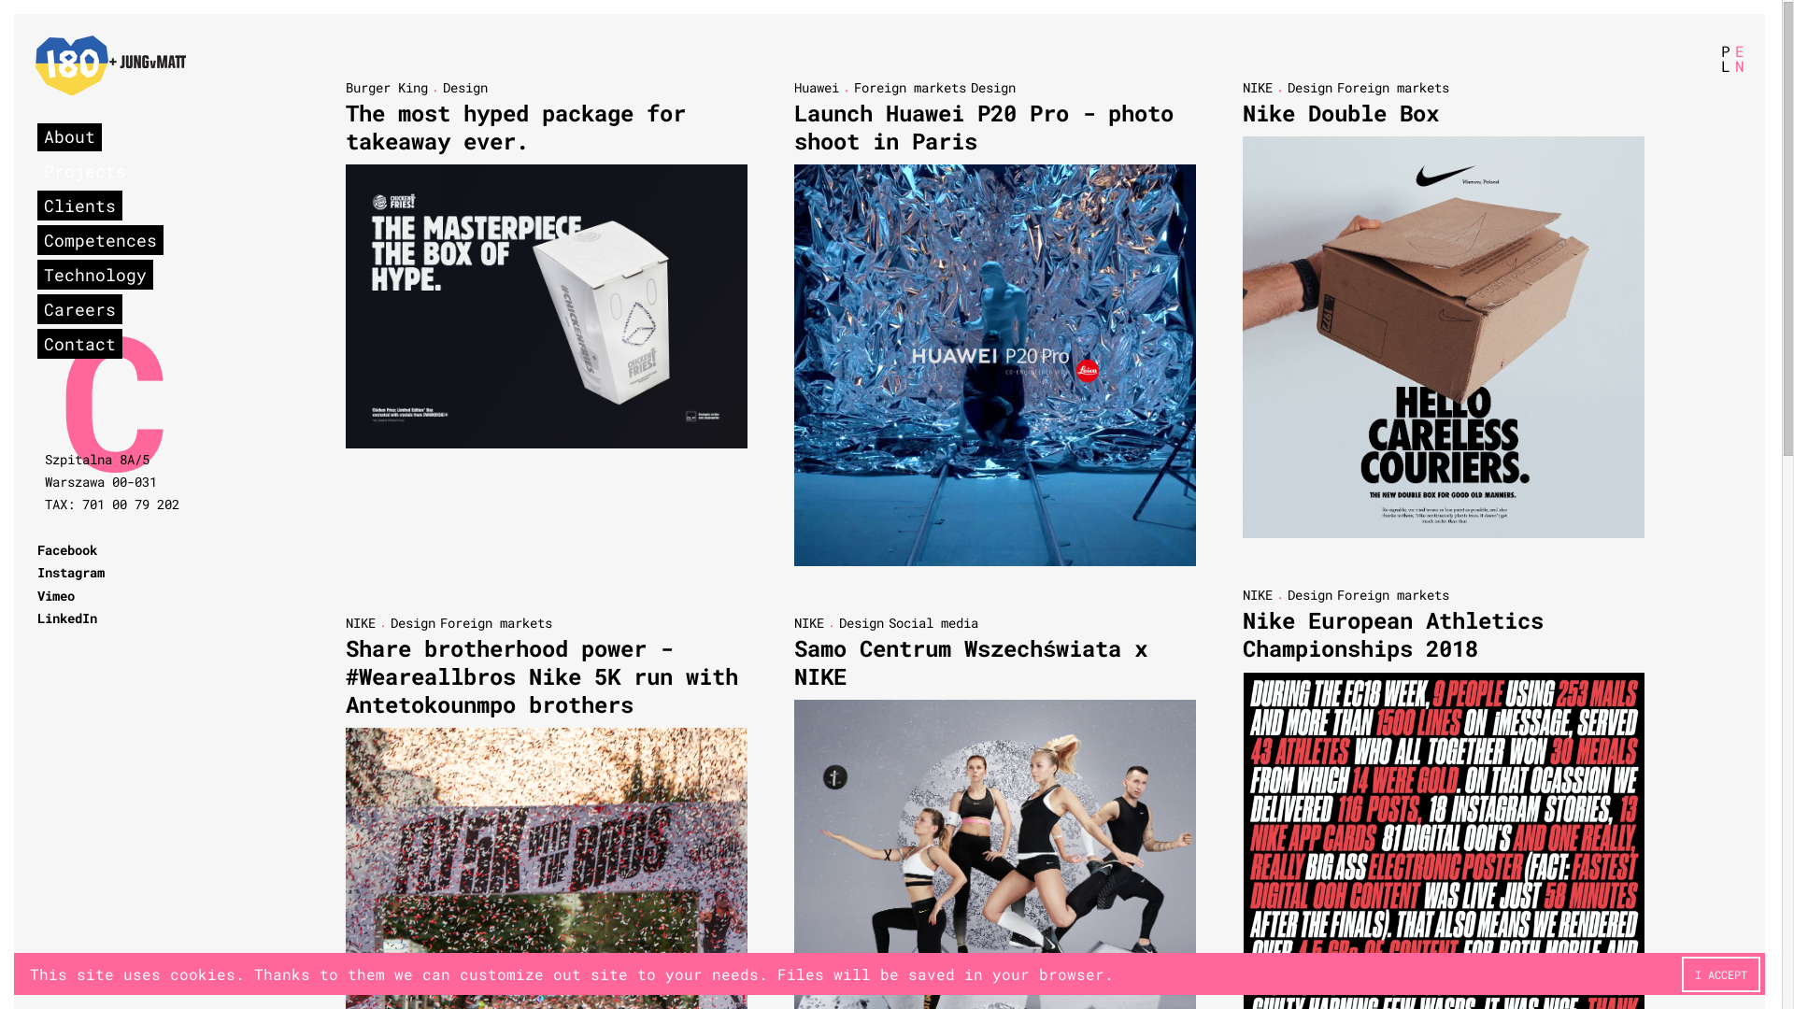  I want to click on 'LinkedIn', so click(36, 619).